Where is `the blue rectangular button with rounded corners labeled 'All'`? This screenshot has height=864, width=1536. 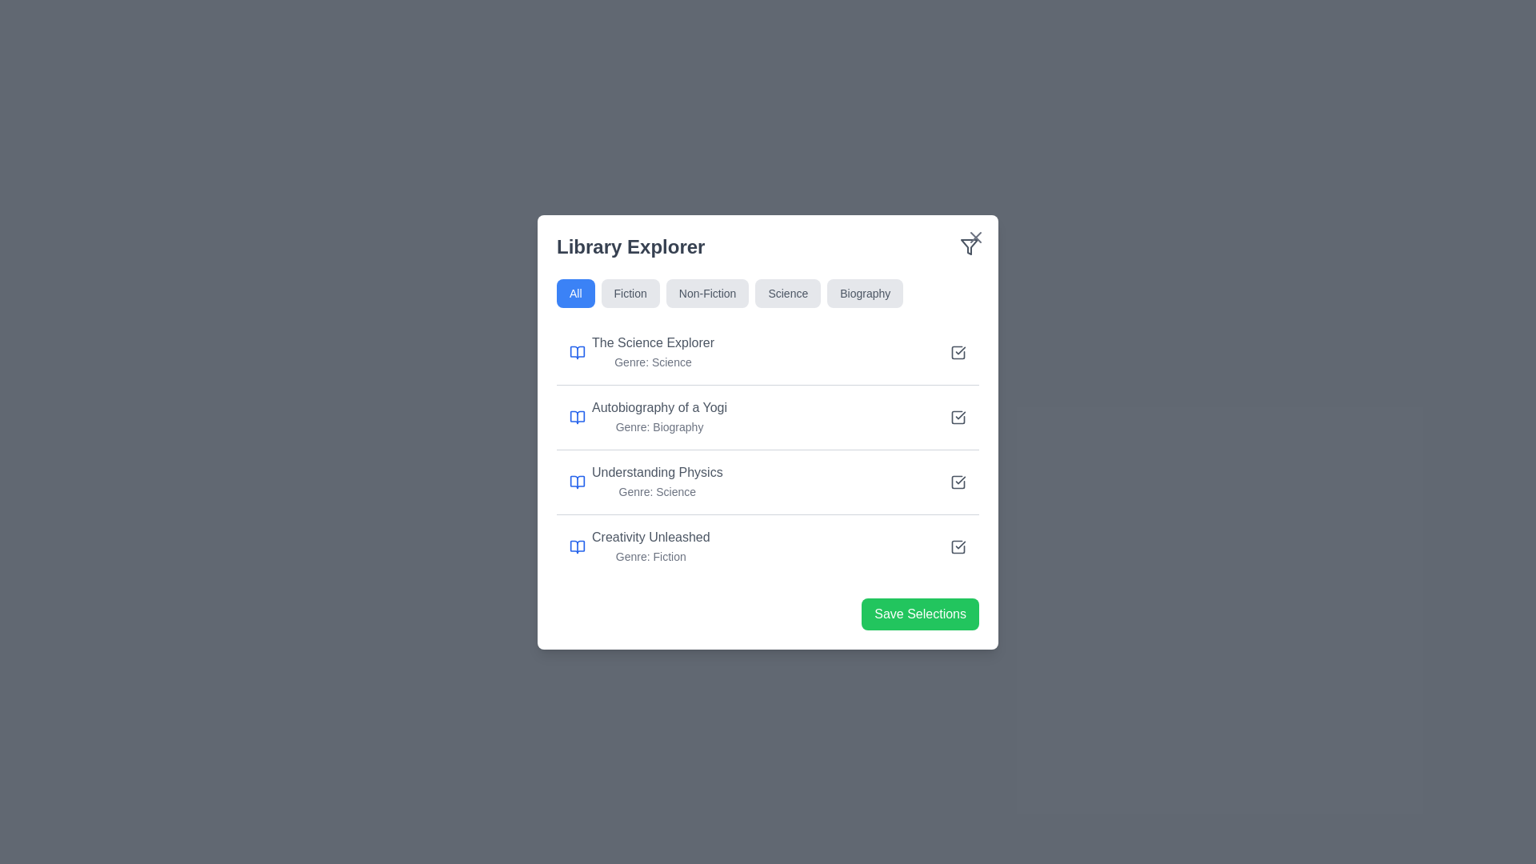
the blue rectangular button with rounded corners labeled 'All' is located at coordinates (575, 293).